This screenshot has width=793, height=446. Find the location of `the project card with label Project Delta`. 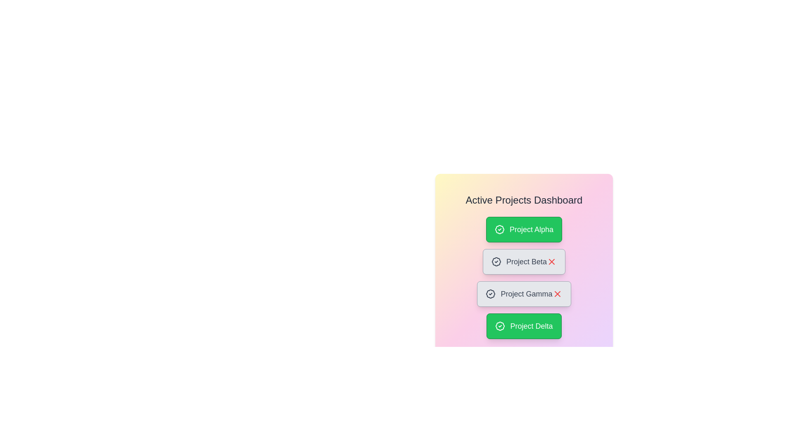

the project card with label Project Delta is located at coordinates (523, 326).